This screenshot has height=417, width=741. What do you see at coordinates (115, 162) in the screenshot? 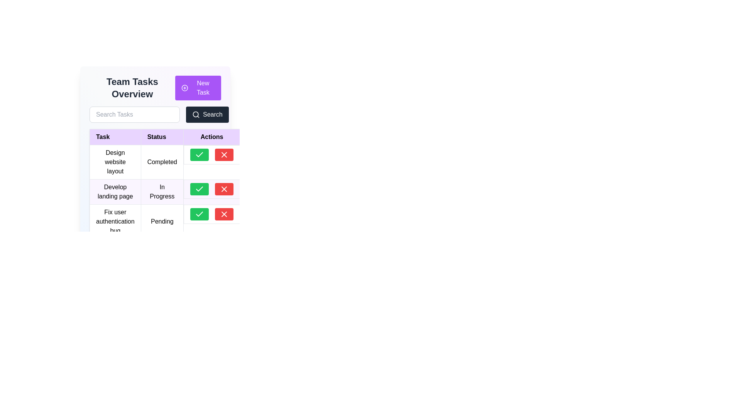
I see `the static text label indicating a task entry in the 'Tasks' list, located in the first row under the 'Task' heading` at bounding box center [115, 162].